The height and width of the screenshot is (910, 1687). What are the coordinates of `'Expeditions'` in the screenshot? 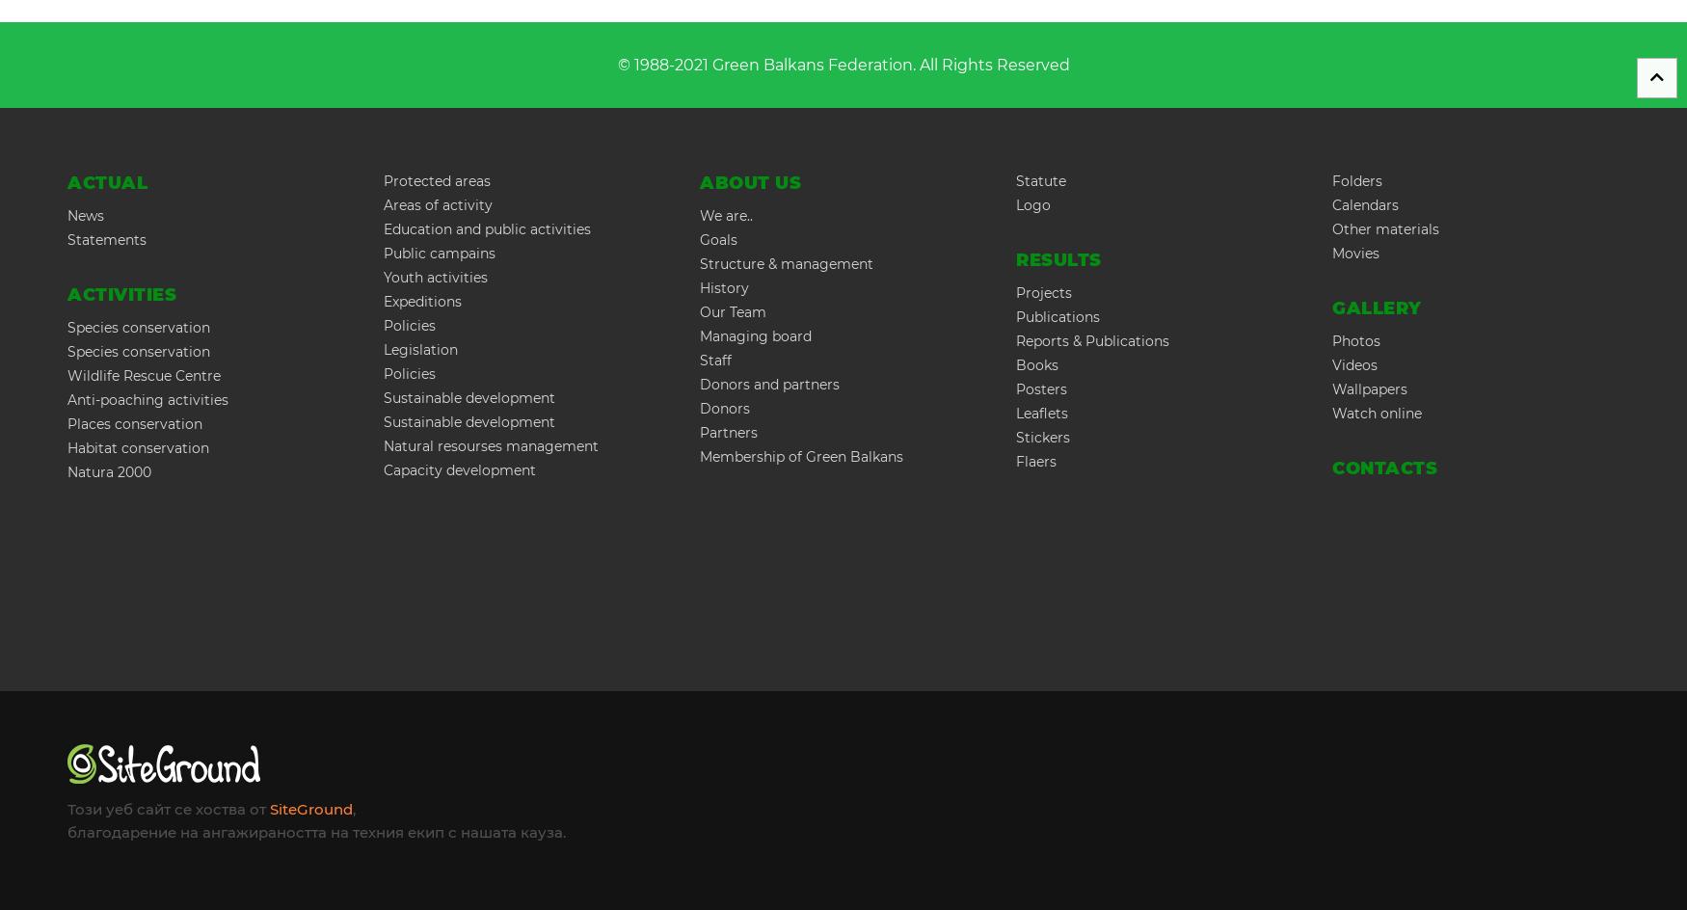 It's located at (382, 301).